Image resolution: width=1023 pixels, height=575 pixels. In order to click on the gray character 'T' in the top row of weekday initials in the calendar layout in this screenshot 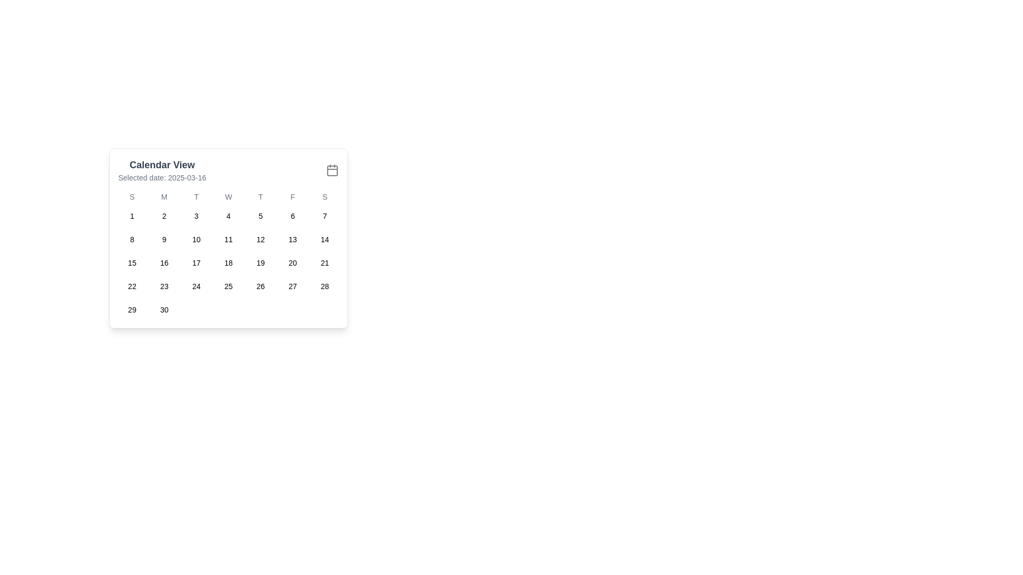, I will do `click(196, 197)`.